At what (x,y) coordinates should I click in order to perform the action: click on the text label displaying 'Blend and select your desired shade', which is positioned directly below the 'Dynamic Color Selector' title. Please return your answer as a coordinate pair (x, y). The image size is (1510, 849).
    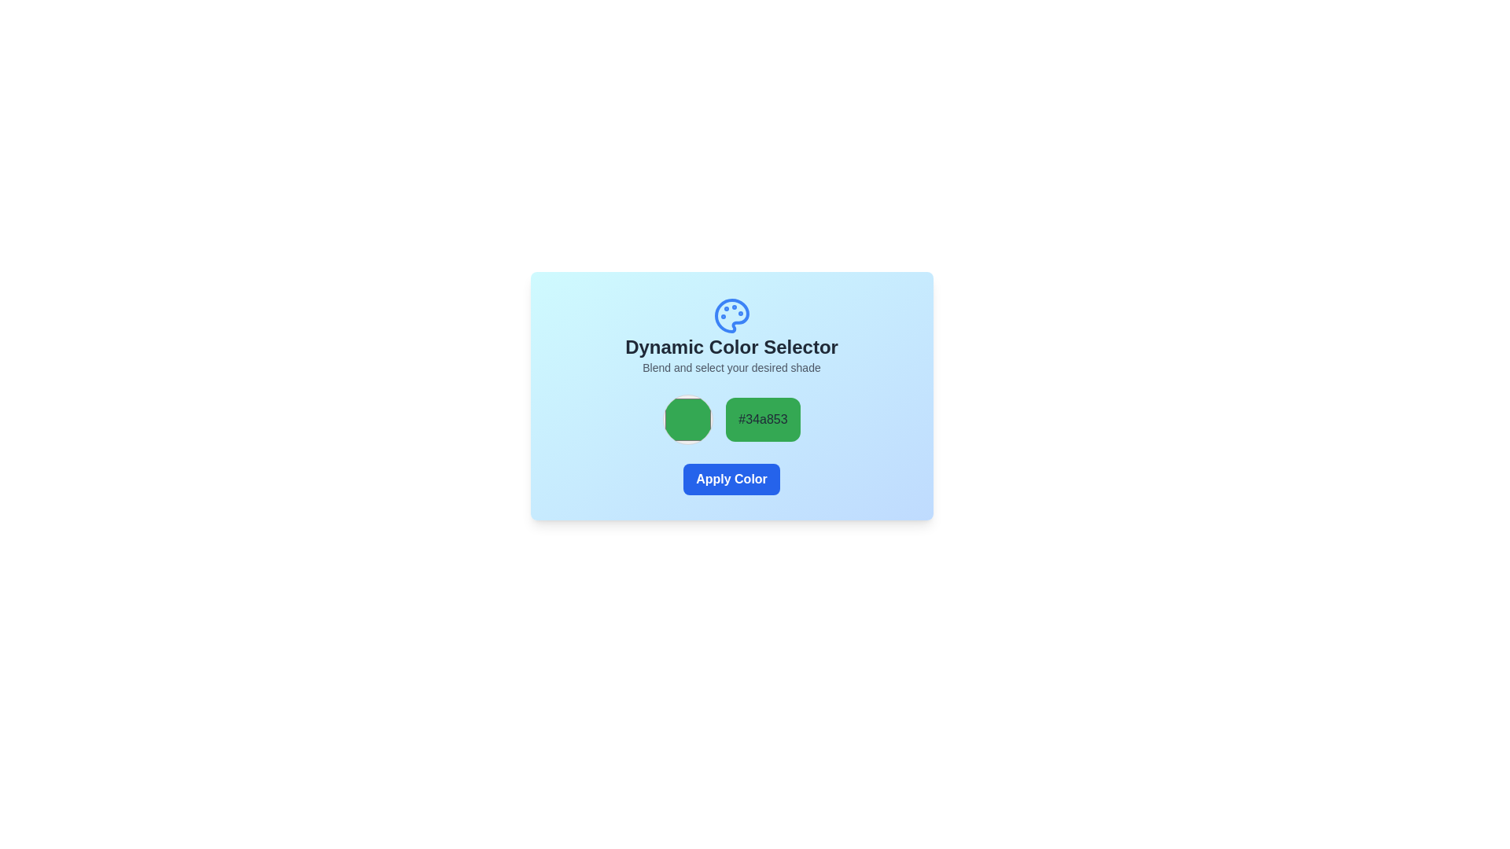
    Looking at the image, I should click on (731, 367).